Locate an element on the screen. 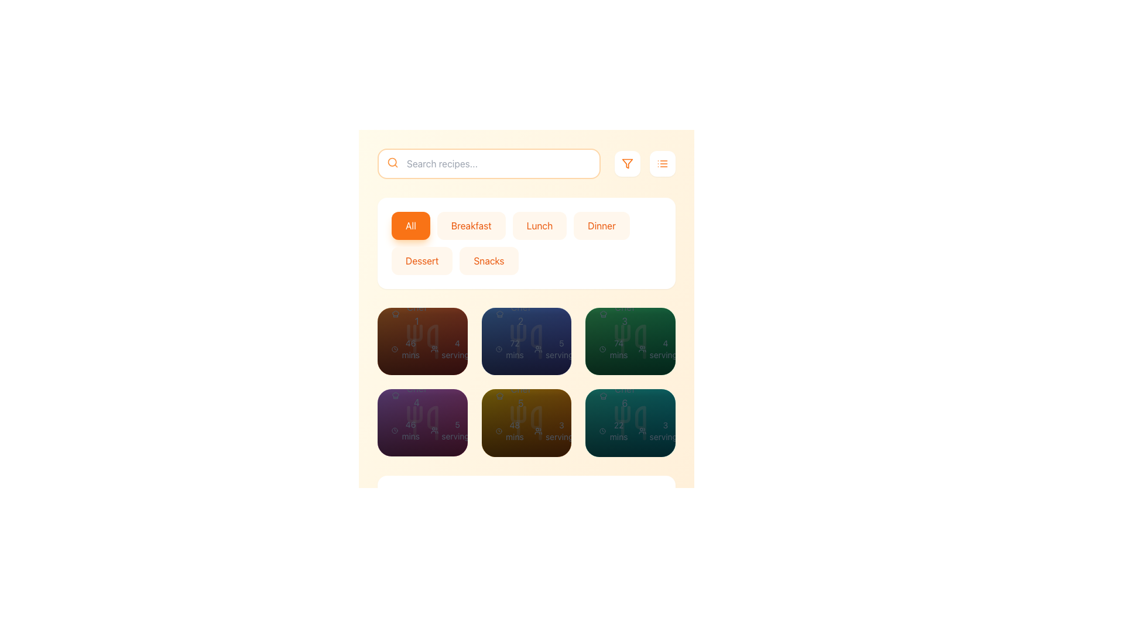 The image size is (1124, 632). the food category button in the button group is located at coordinates (526, 243).